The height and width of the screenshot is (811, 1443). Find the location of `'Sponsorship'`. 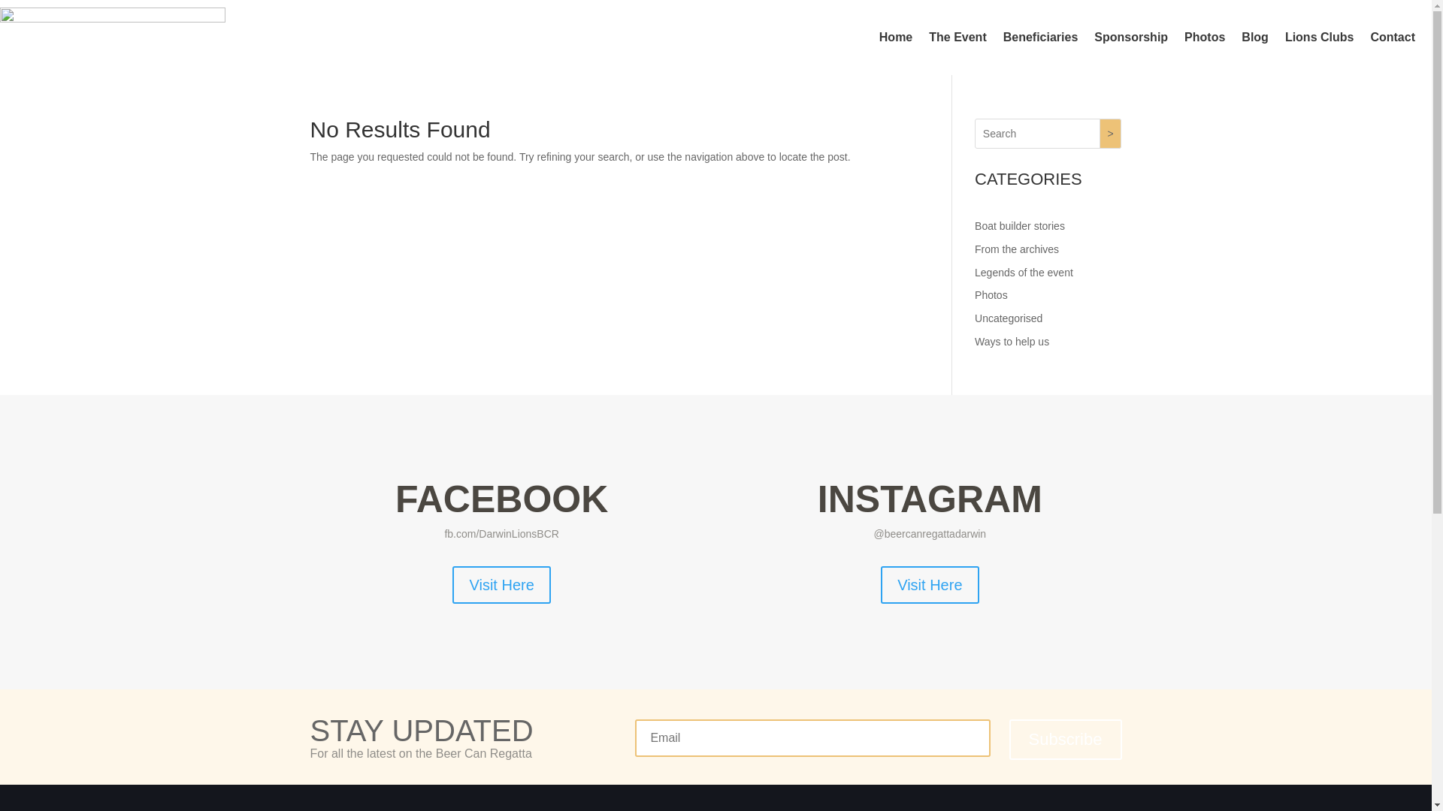

'Sponsorship' is located at coordinates (1131, 37).